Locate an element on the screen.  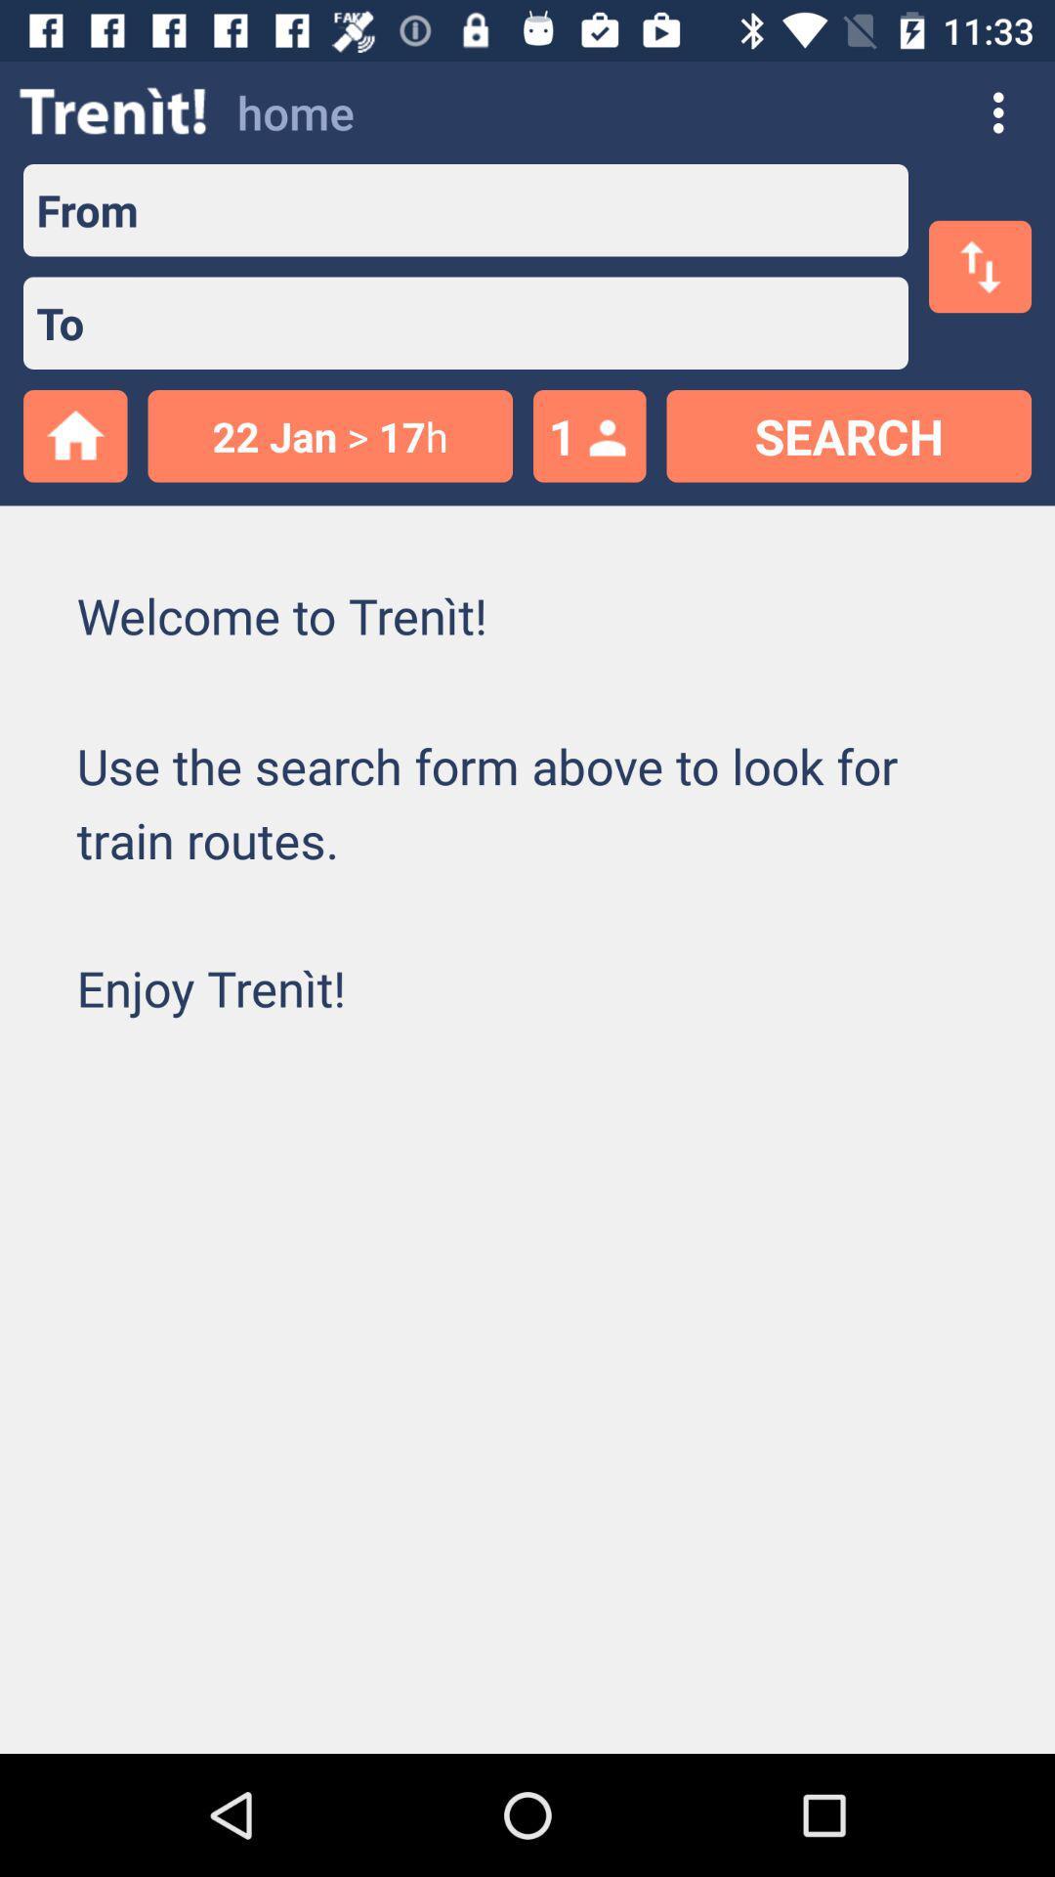
the swap icon is located at coordinates (980, 266).